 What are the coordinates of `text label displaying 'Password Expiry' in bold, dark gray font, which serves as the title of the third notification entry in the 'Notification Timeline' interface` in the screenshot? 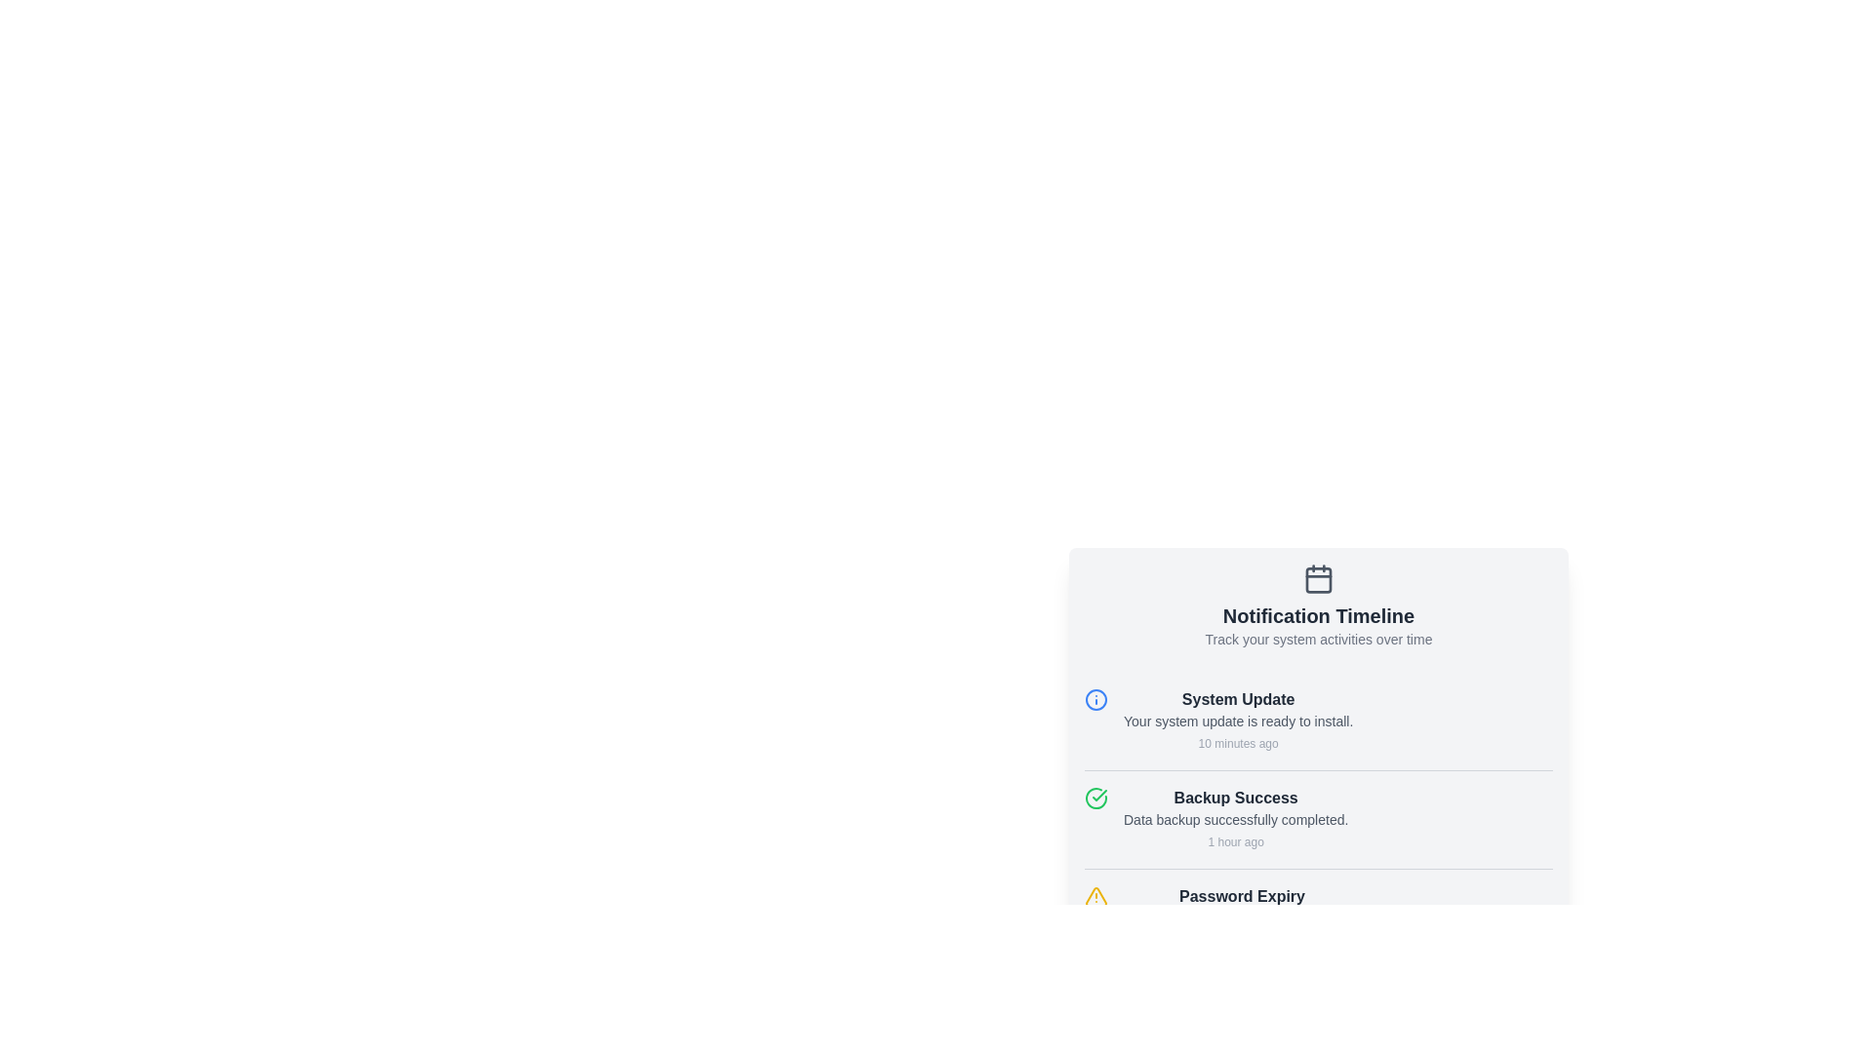 It's located at (1241, 897).